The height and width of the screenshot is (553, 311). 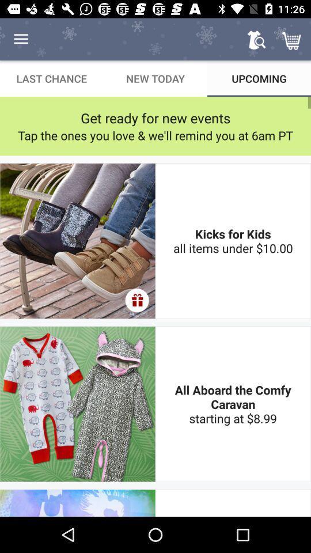 What do you see at coordinates (233, 240) in the screenshot?
I see `icon below the tap the ones item` at bounding box center [233, 240].